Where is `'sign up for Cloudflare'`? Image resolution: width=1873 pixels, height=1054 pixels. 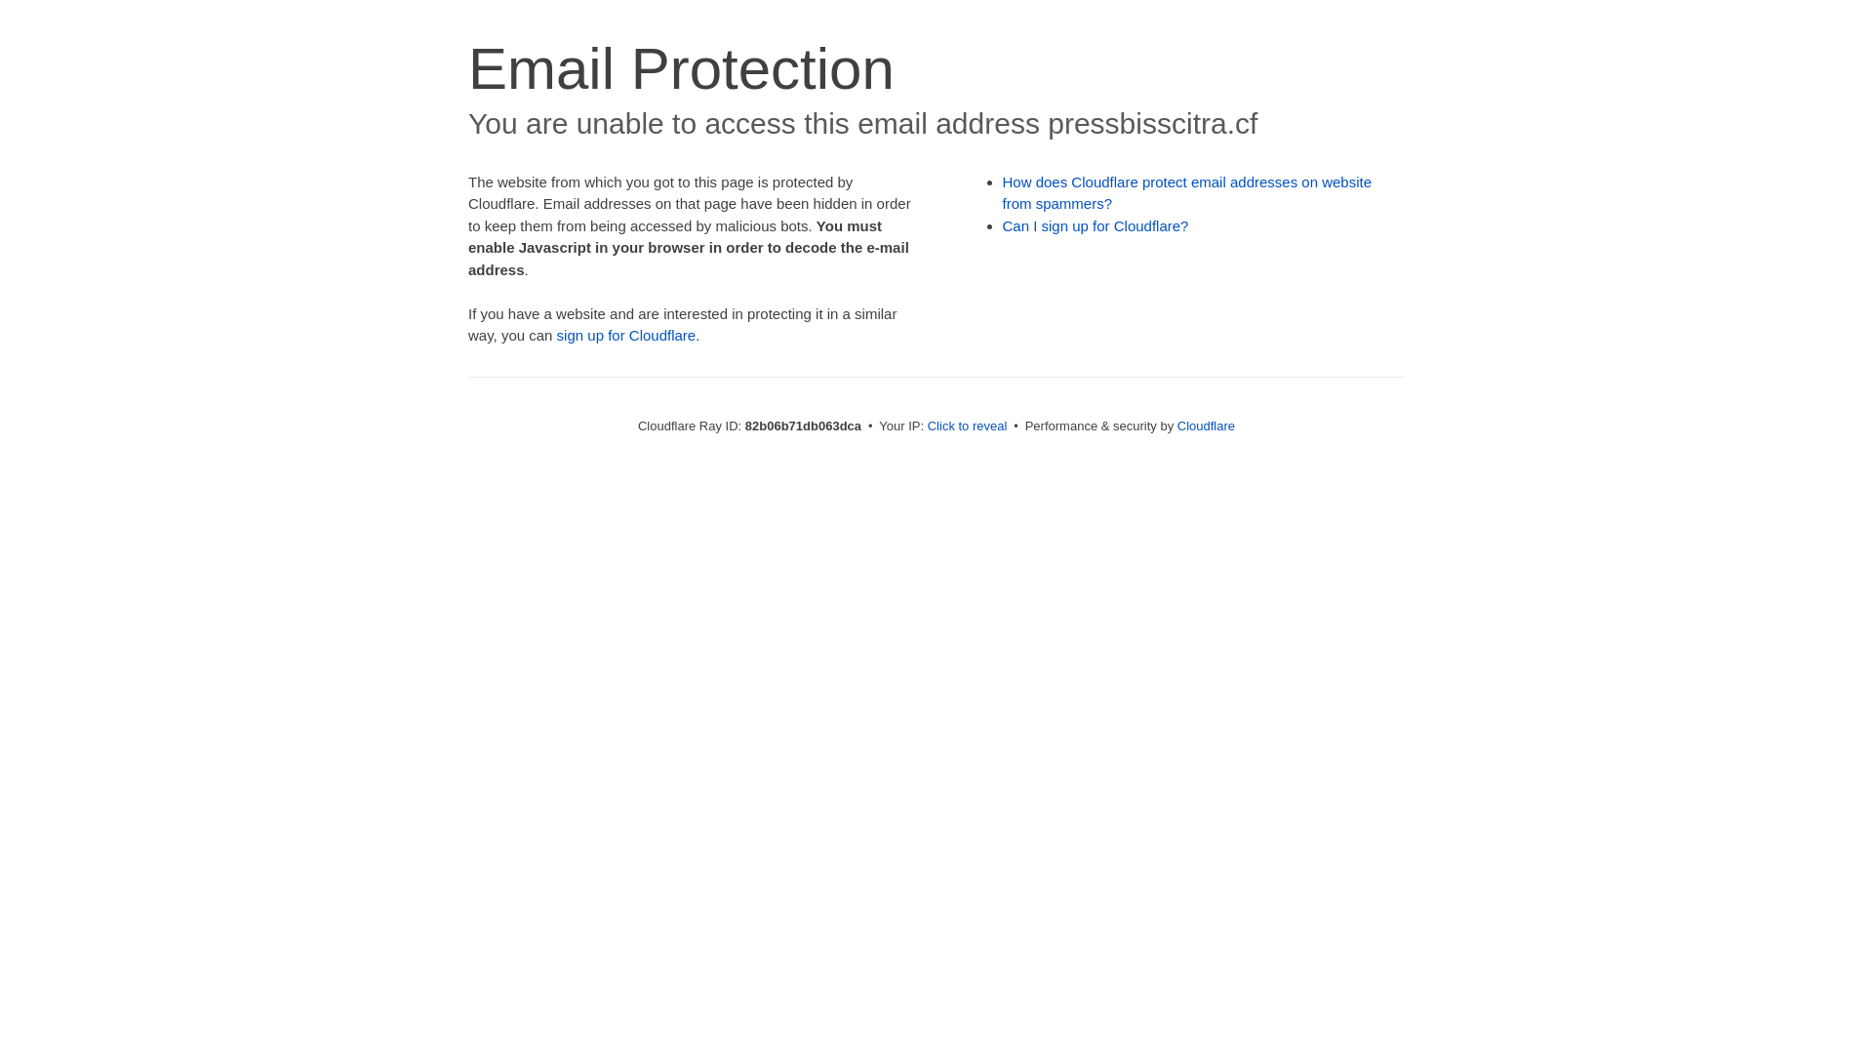 'sign up for Cloudflare' is located at coordinates (556, 334).